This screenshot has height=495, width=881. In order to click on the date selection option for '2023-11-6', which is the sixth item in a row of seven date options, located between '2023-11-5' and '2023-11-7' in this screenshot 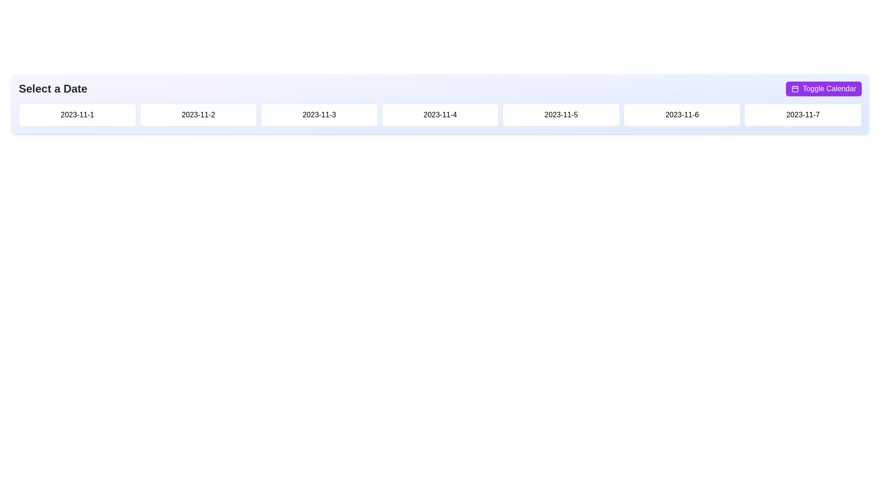, I will do `click(682, 114)`.